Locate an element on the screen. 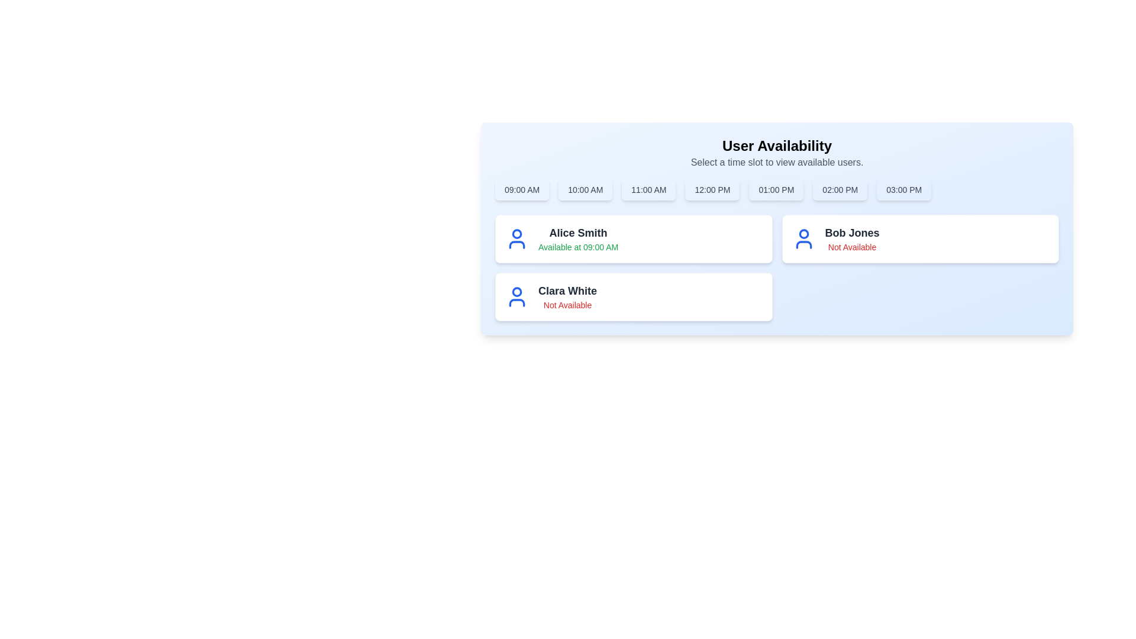 The width and height of the screenshot is (1136, 639). the button labeled '10:00 AM' is located at coordinates (585, 189).